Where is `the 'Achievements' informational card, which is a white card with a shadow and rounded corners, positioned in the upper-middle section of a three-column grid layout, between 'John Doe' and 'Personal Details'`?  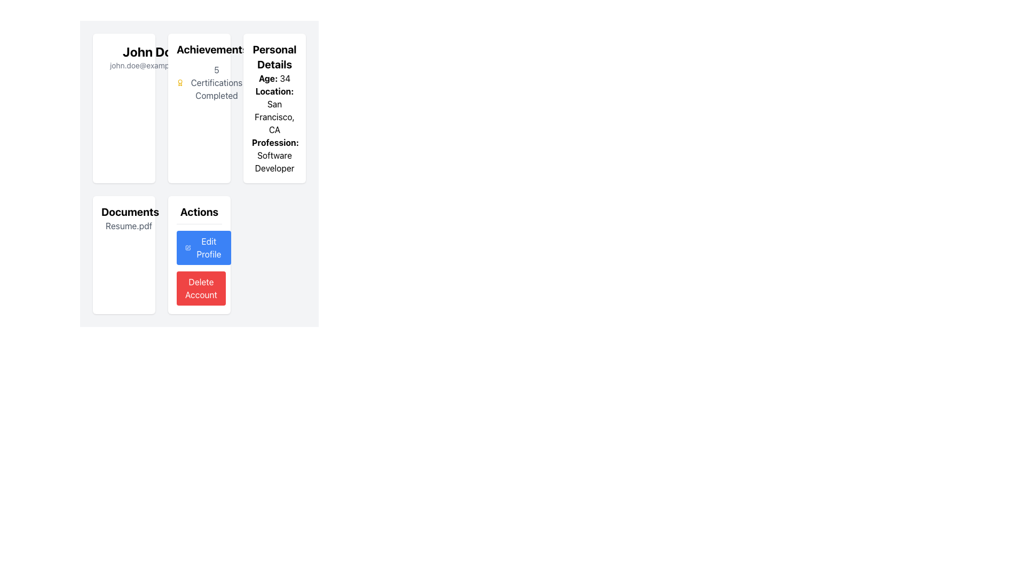
the 'Achievements' informational card, which is a white card with a shadow and rounded corners, positioned in the upper-middle section of a three-column grid layout, between 'John Doe' and 'Personal Details' is located at coordinates (199, 108).